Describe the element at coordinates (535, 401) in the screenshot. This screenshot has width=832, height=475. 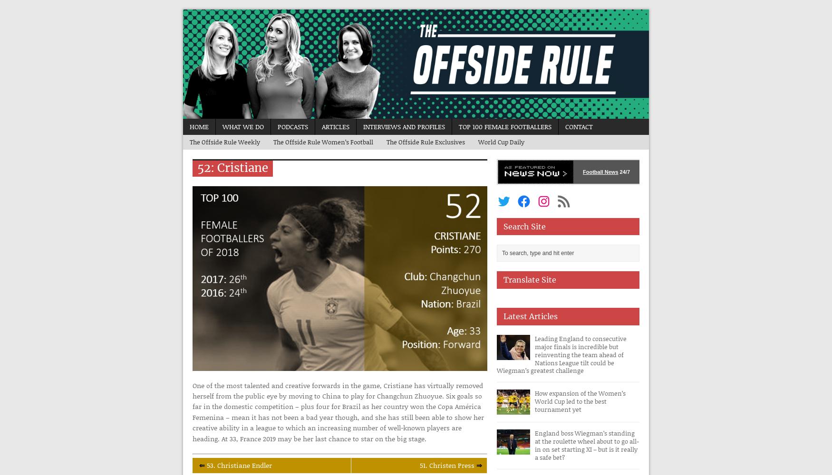
I see `'How expansion of the Women’s World Cup led to the best tournament yet'` at that location.